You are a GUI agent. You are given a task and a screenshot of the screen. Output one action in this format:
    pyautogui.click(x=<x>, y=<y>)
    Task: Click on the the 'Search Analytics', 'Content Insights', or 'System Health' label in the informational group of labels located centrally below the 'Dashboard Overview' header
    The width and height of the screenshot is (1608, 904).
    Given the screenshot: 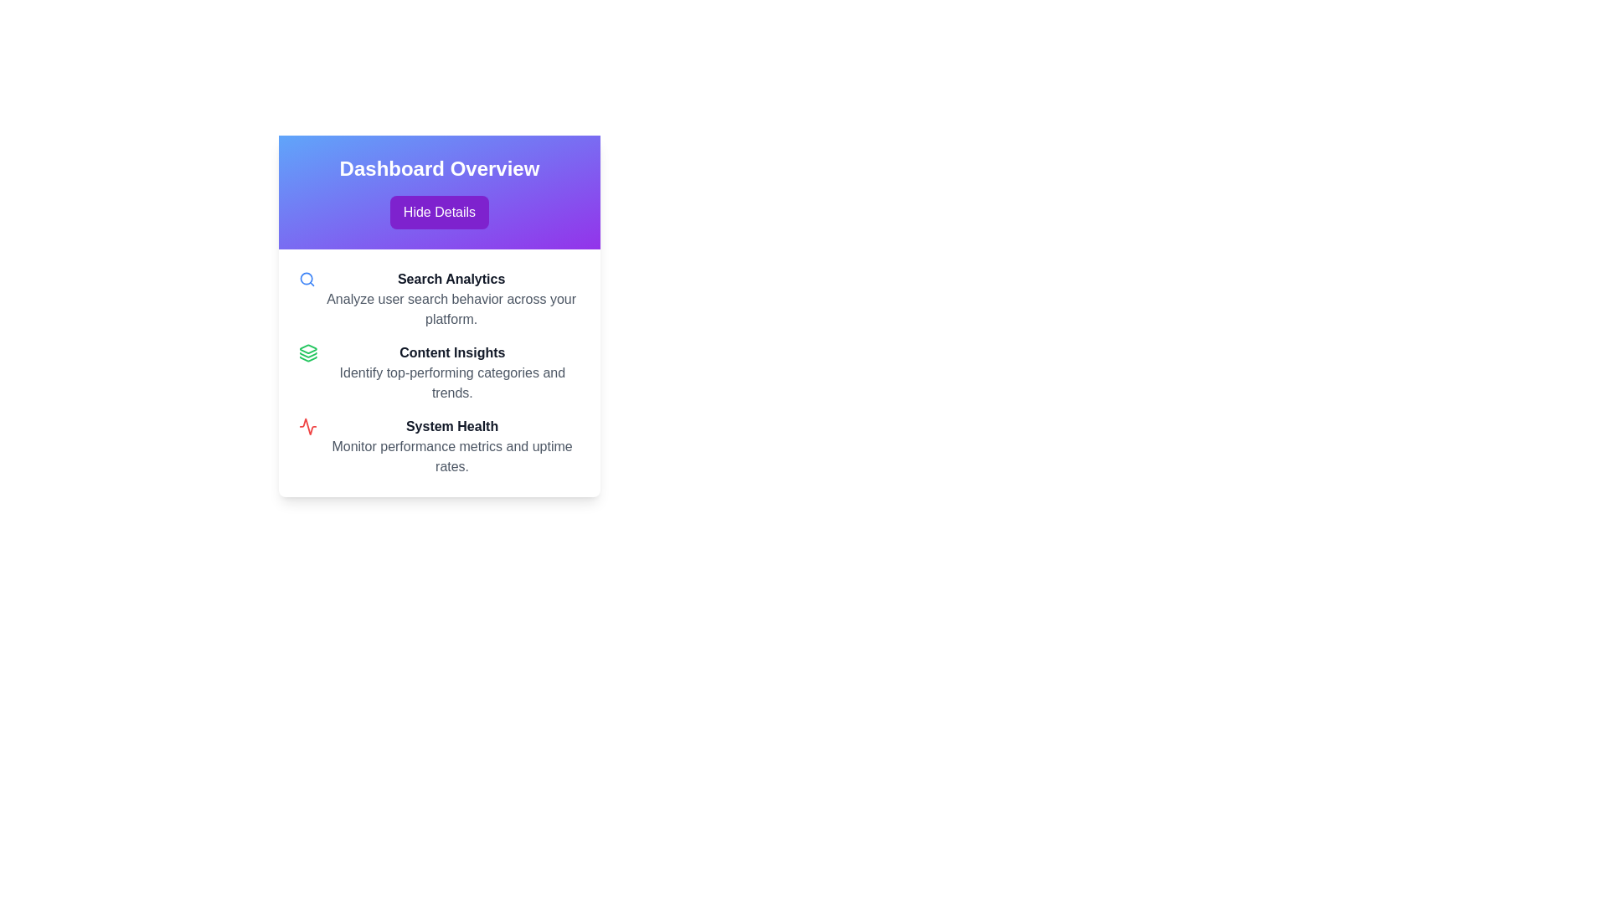 What is the action you would take?
    pyautogui.click(x=439, y=372)
    